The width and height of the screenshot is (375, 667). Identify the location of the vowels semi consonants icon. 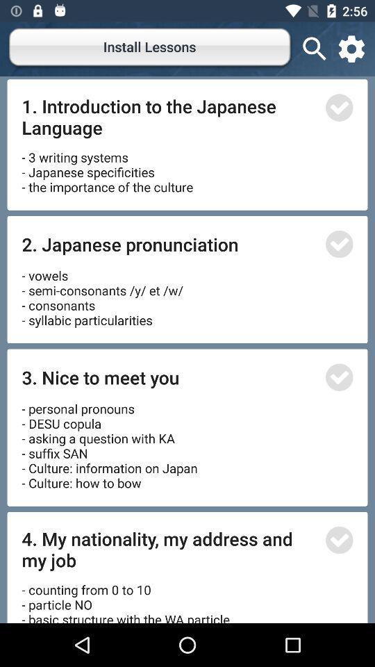
(103, 293).